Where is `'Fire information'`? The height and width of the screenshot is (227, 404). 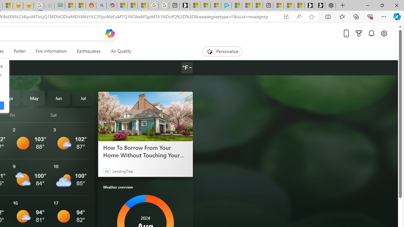
'Fire information' is located at coordinates (51, 51).